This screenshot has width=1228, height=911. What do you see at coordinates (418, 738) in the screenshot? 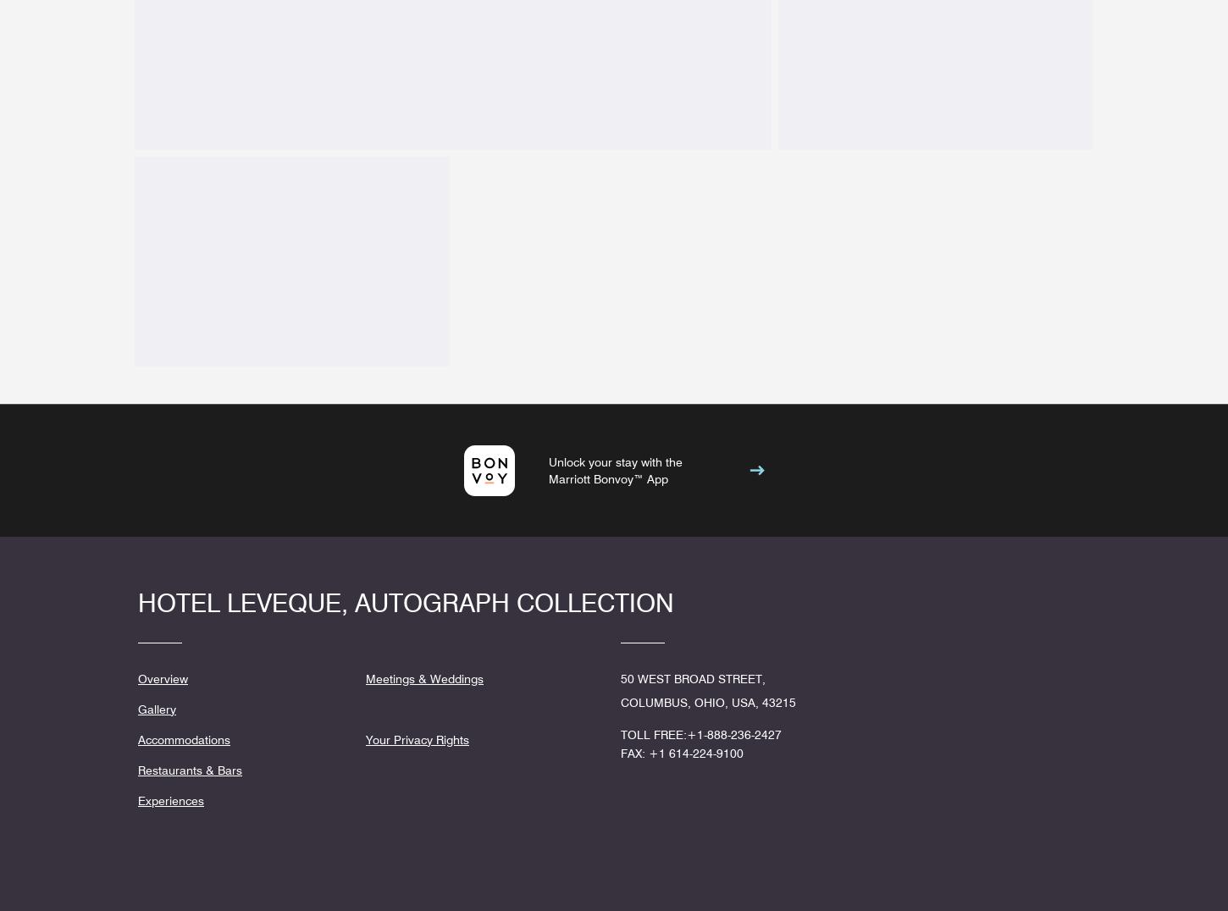
I see `'Your Privacy Rights'` at bounding box center [418, 738].